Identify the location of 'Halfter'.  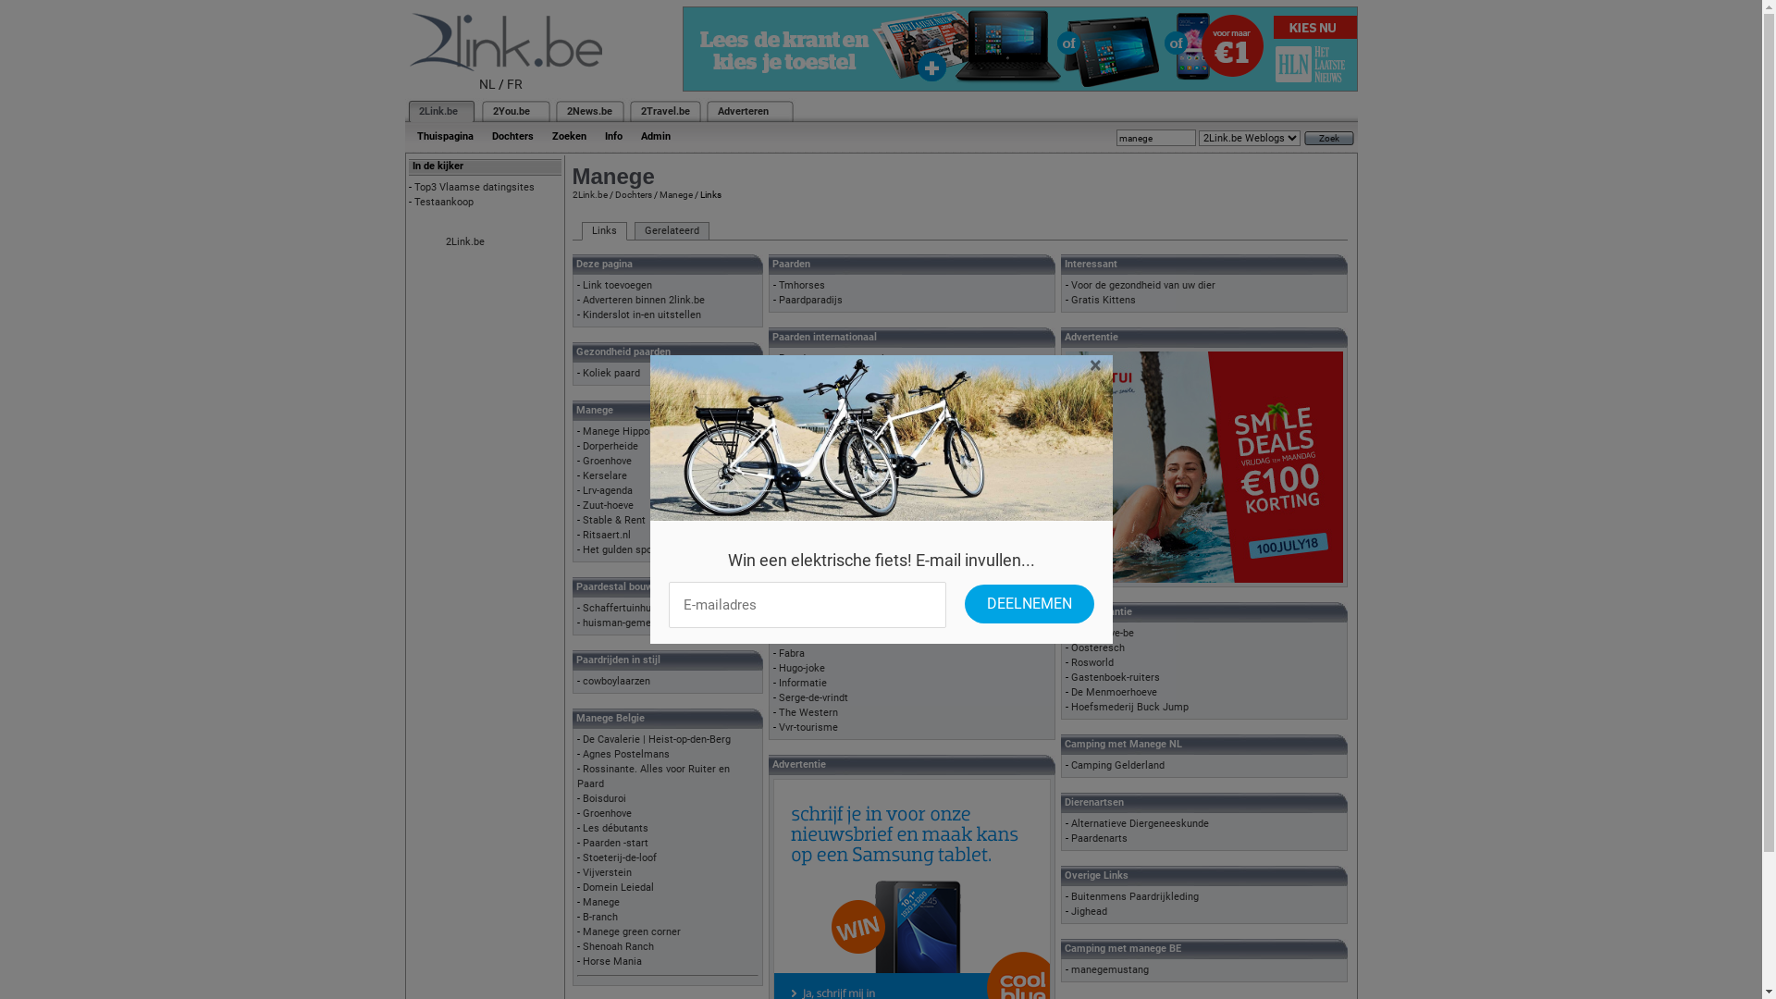
(795, 521).